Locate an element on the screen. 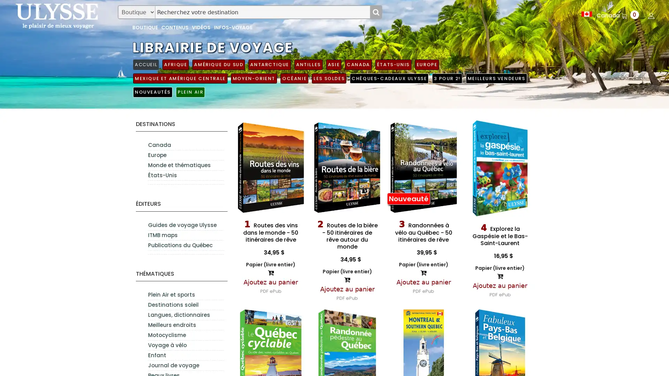  EUROPE is located at coordinates (426, 64).